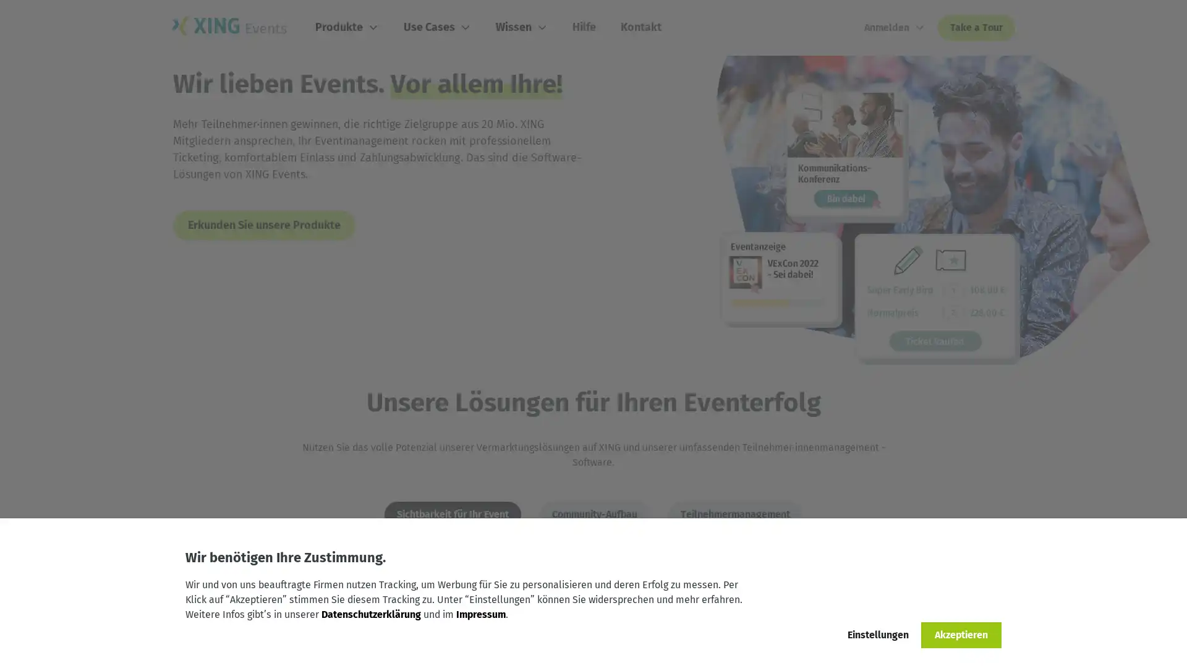  Describe the element at coordinates (895, 28) in the screenshot. I see `Anmelden Symbol Arrow down` at that location.